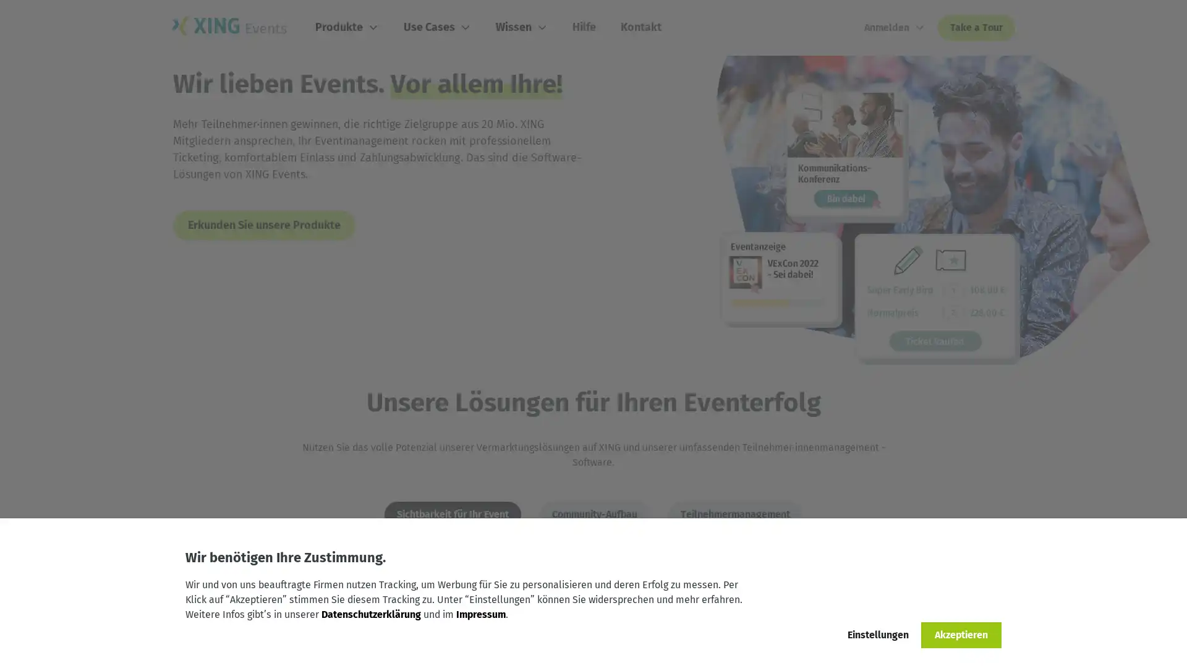  Describe the element at coordinates (895, 28) in the screenshot. I see `Anmelden Symbol Arrow down` at that location.